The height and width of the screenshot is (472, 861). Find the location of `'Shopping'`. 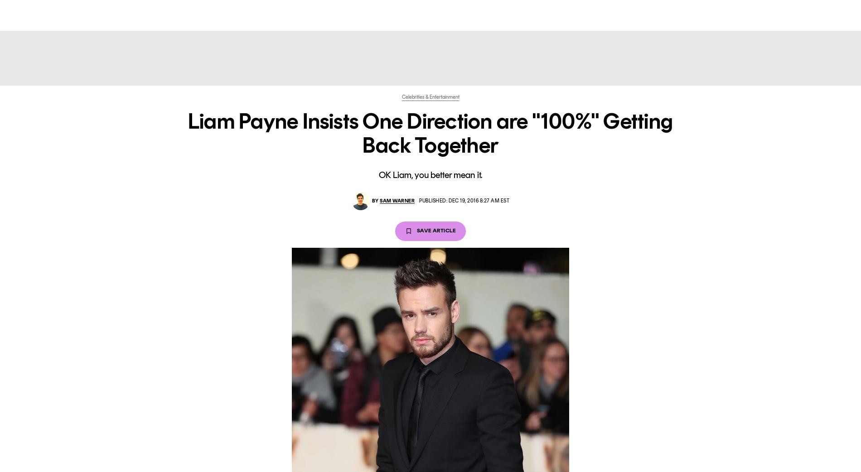

'Shopping' is located at coordinates (493, 14).